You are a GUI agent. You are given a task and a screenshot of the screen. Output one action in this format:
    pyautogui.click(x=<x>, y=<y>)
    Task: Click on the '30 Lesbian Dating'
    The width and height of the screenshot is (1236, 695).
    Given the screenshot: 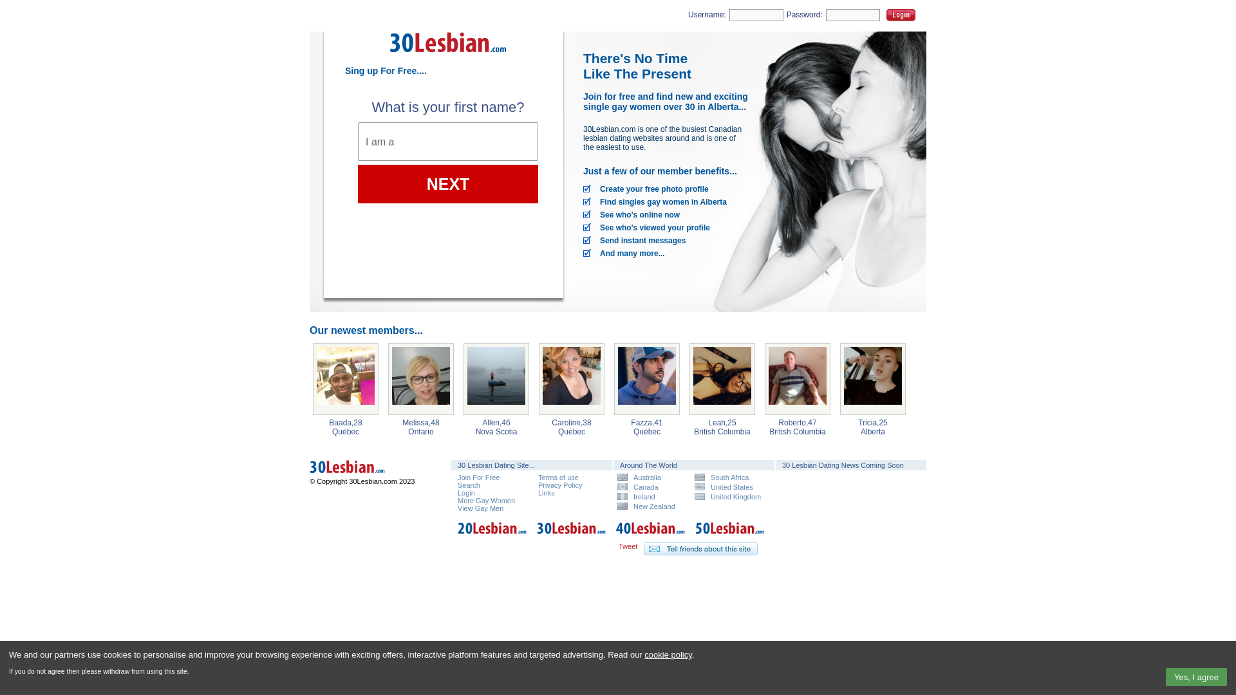 What is the action you would take?
    pyautogui.click(x=448, y=56)
    